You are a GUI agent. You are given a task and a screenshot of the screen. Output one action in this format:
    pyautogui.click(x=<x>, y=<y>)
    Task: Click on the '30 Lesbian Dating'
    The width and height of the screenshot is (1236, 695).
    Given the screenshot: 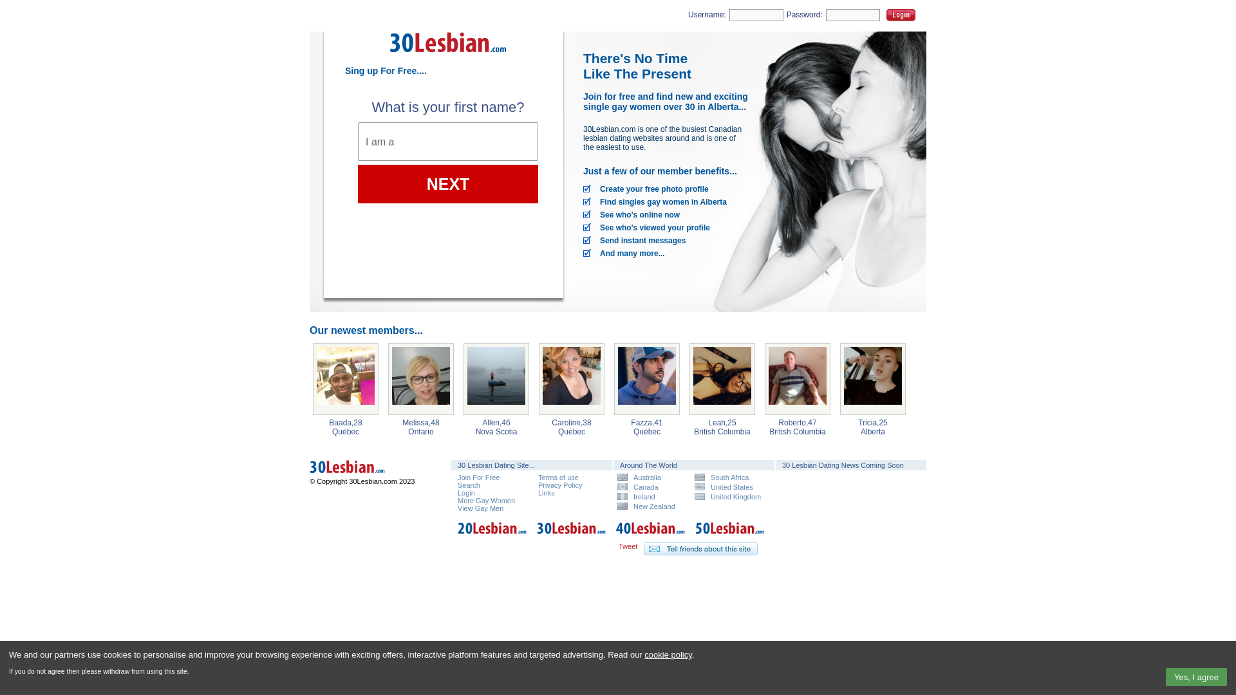 What is the action you would take?
    pyautogui.click(x=448, y=56)
    